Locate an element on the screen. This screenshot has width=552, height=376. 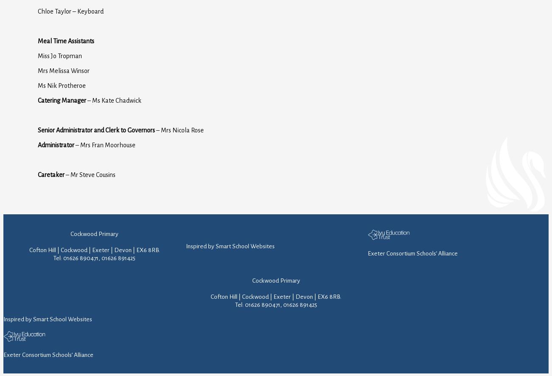
'Ms Nik Protheroe' is located at coordinates (61, 85).